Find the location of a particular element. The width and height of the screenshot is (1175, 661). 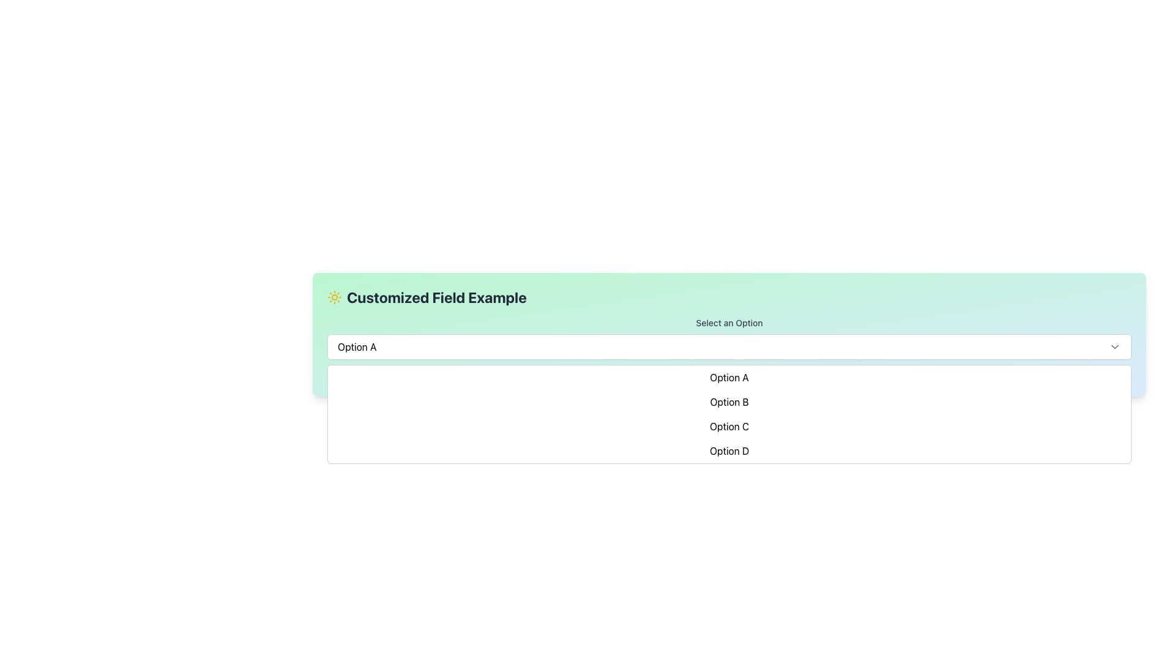

the text option labeled 'Option A' in the dropdown menu is located at coordinates (729, 377).